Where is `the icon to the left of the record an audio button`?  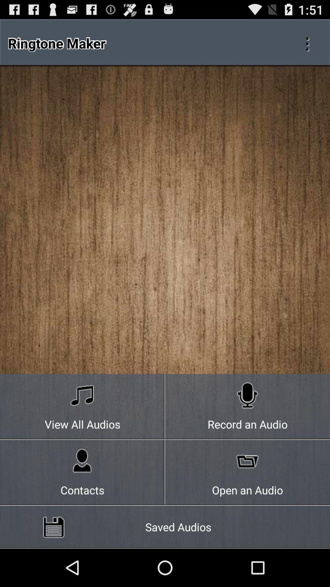 the icon to the left of the record an audio button is located at coordinates (82, 472).